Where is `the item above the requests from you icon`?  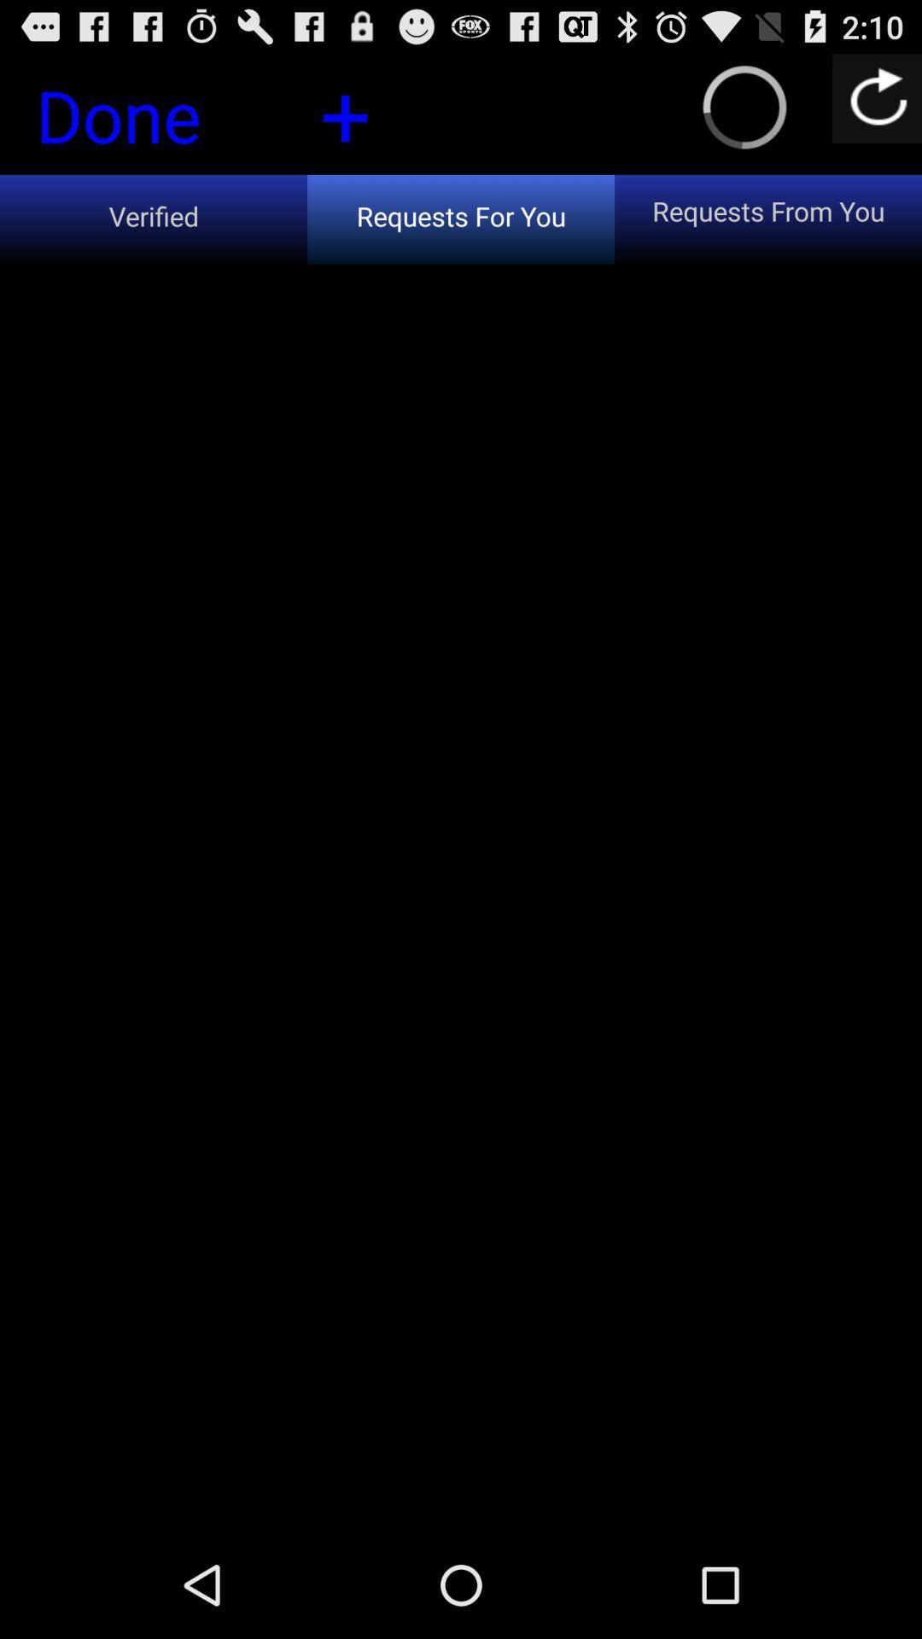 the item above the requests from you icon is located at coordinates (877, 97).